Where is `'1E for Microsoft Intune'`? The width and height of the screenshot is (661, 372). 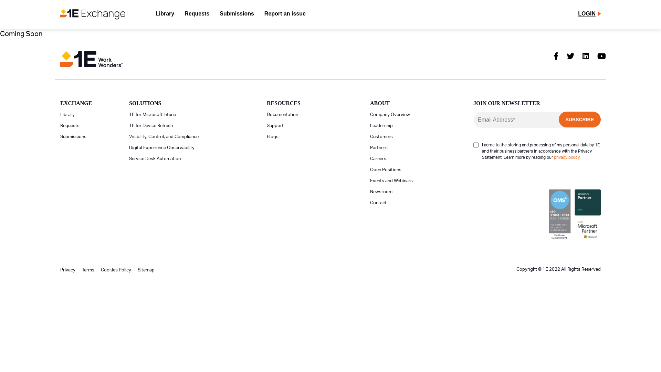
'1E for Microsoft Intune' is located at coordinates (152, 114).